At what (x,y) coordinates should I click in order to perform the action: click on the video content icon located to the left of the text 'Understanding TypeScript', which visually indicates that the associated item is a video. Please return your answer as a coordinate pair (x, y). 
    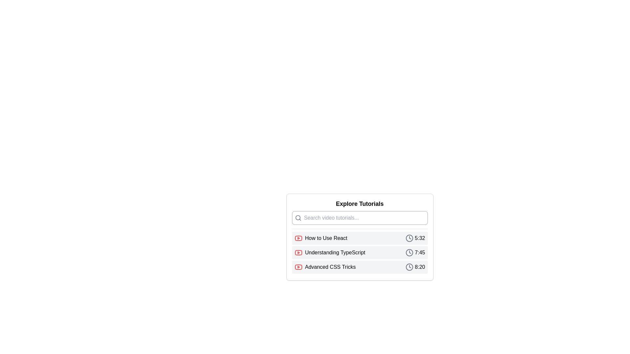
    Looking at the image, I should click on (298, 252).